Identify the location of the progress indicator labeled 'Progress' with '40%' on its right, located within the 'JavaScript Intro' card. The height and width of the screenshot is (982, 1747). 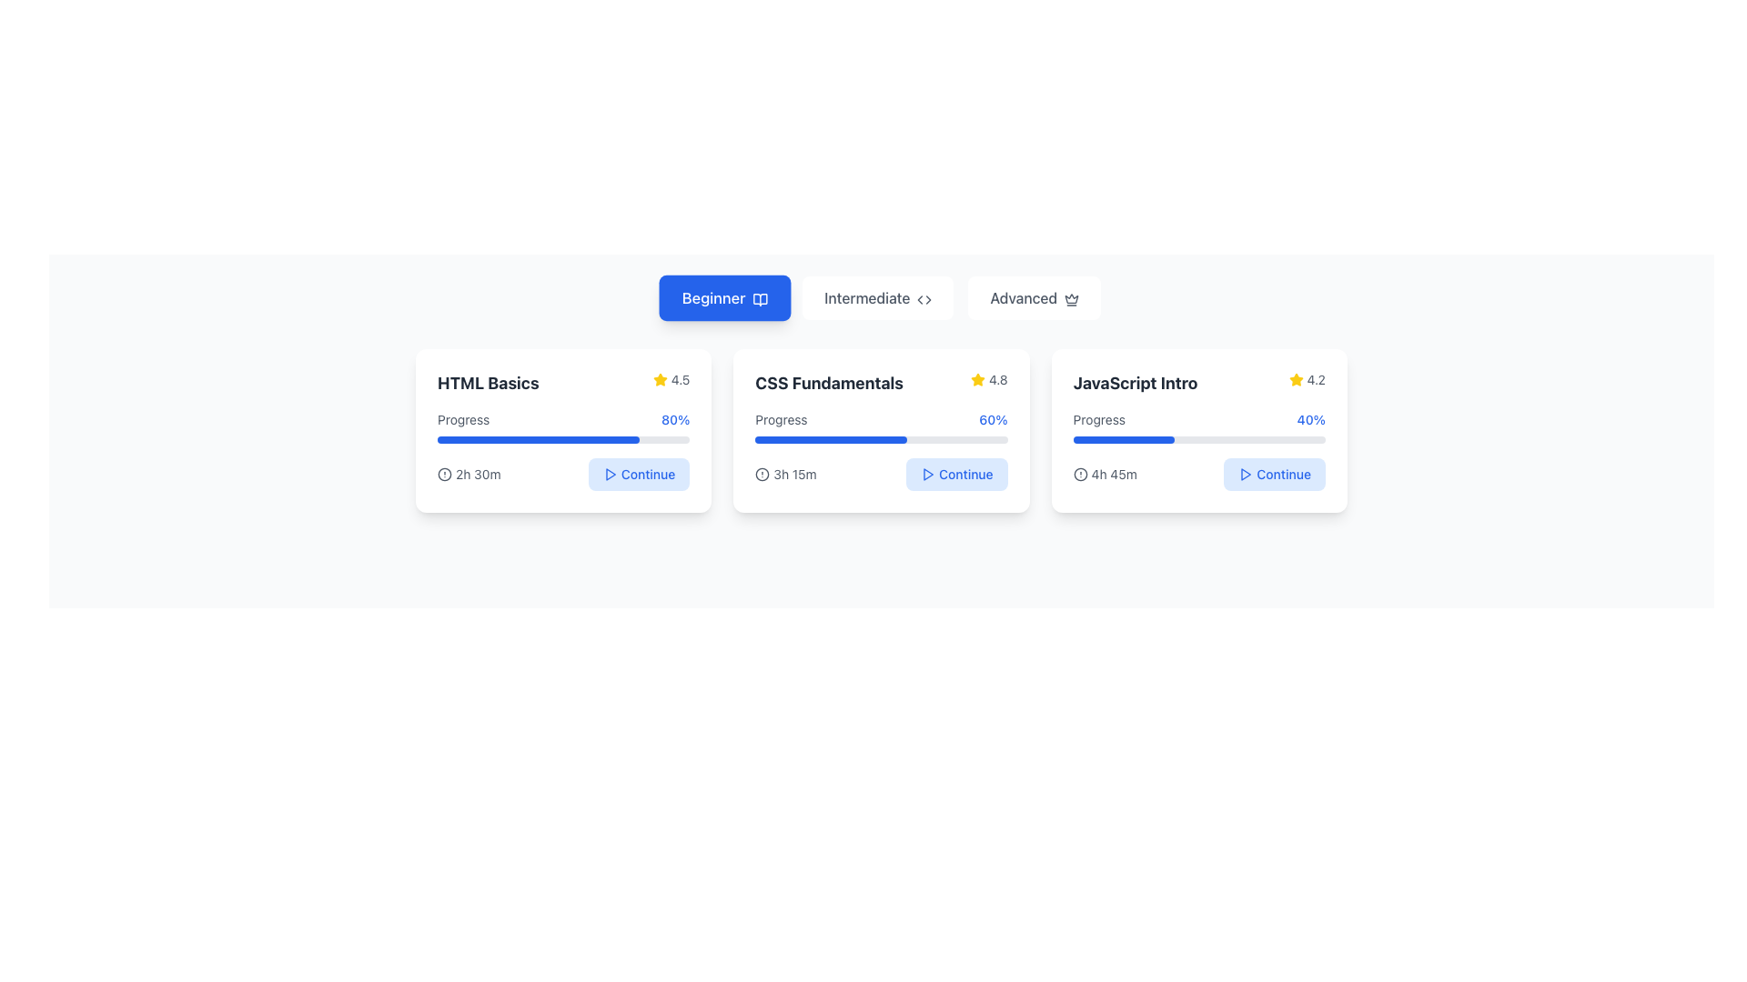
(1199, 427).